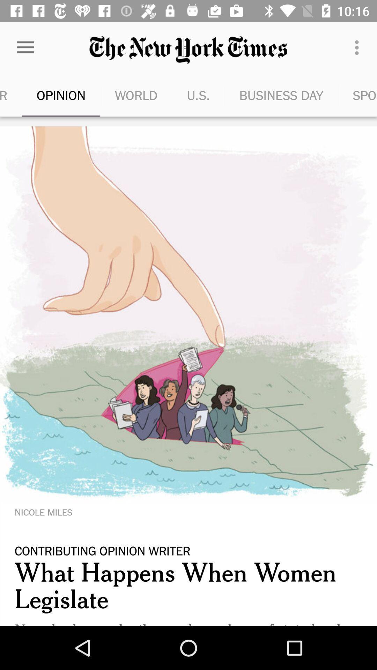 This screenshot has height=670, width=377. What do you see at coordinates (281, 95) in the screenshot?
I see `icon next to the u.s. icon` at bounding box center [281, 95].